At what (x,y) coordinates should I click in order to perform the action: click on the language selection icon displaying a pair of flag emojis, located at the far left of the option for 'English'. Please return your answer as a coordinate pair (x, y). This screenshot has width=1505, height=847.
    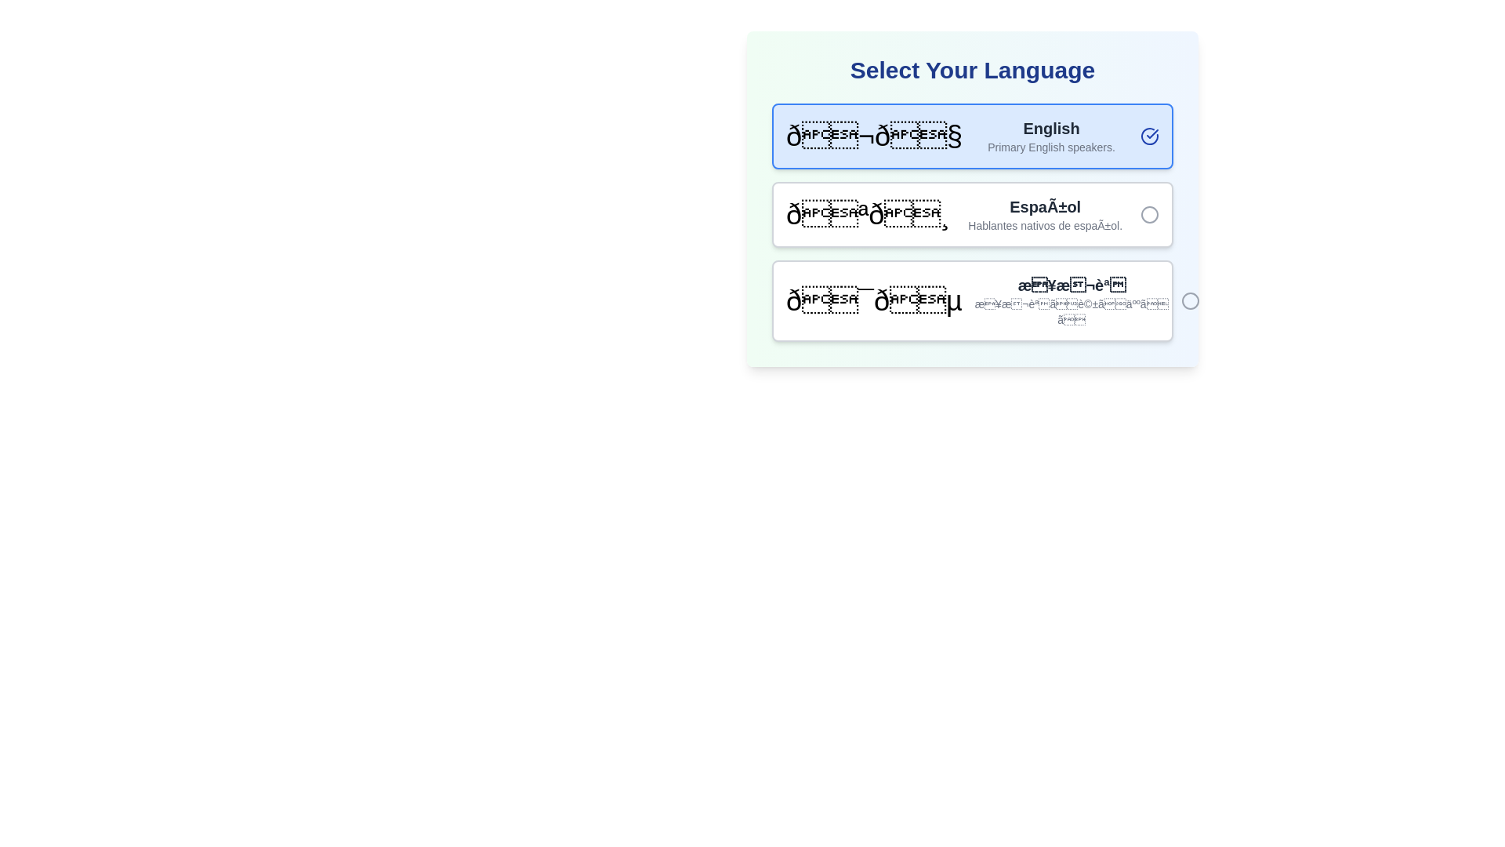
    Looking at the image, I should click on (873, 135).